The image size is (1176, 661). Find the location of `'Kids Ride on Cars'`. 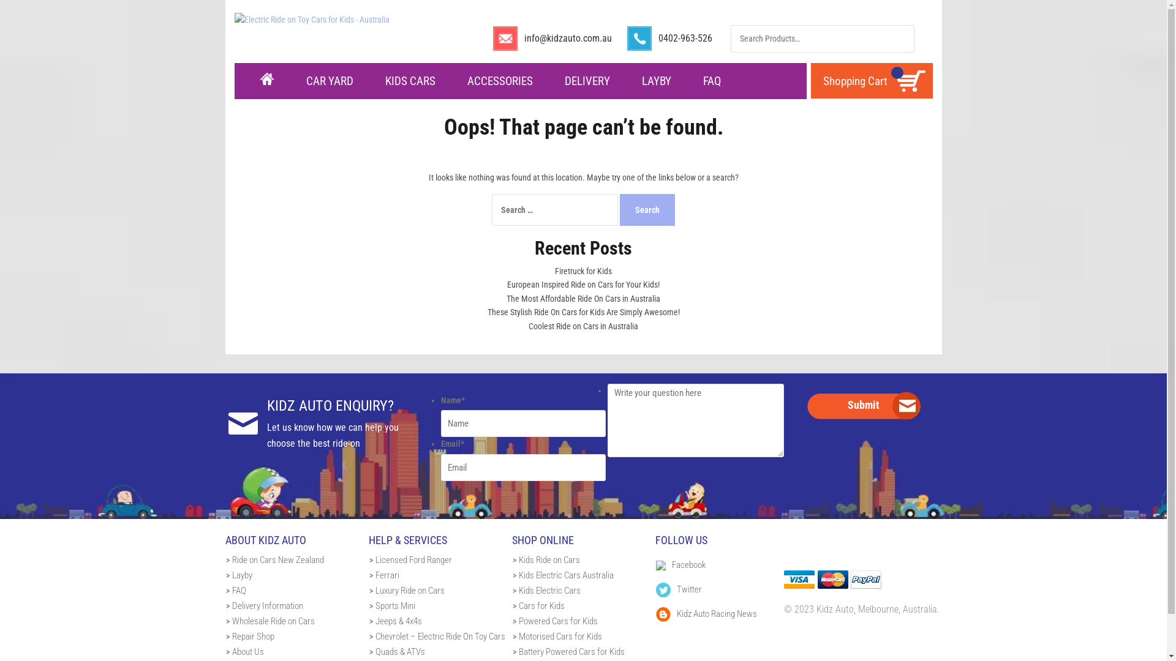

'Kids Ride on Cars' is located at coordinates (548, 559).